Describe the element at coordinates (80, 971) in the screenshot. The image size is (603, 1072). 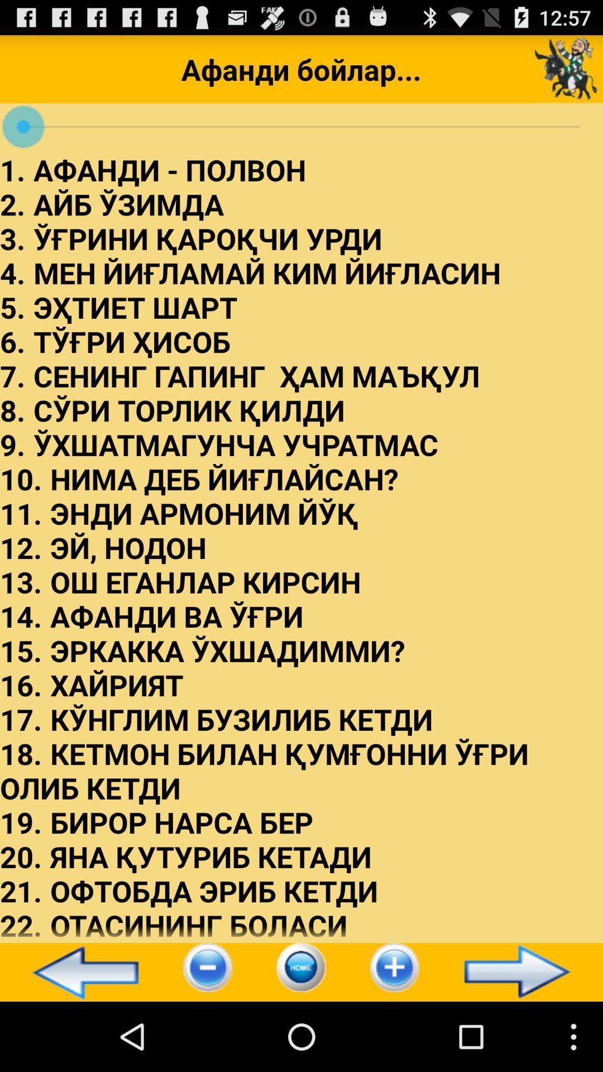
I see `item at the bottom left corner` at that location.